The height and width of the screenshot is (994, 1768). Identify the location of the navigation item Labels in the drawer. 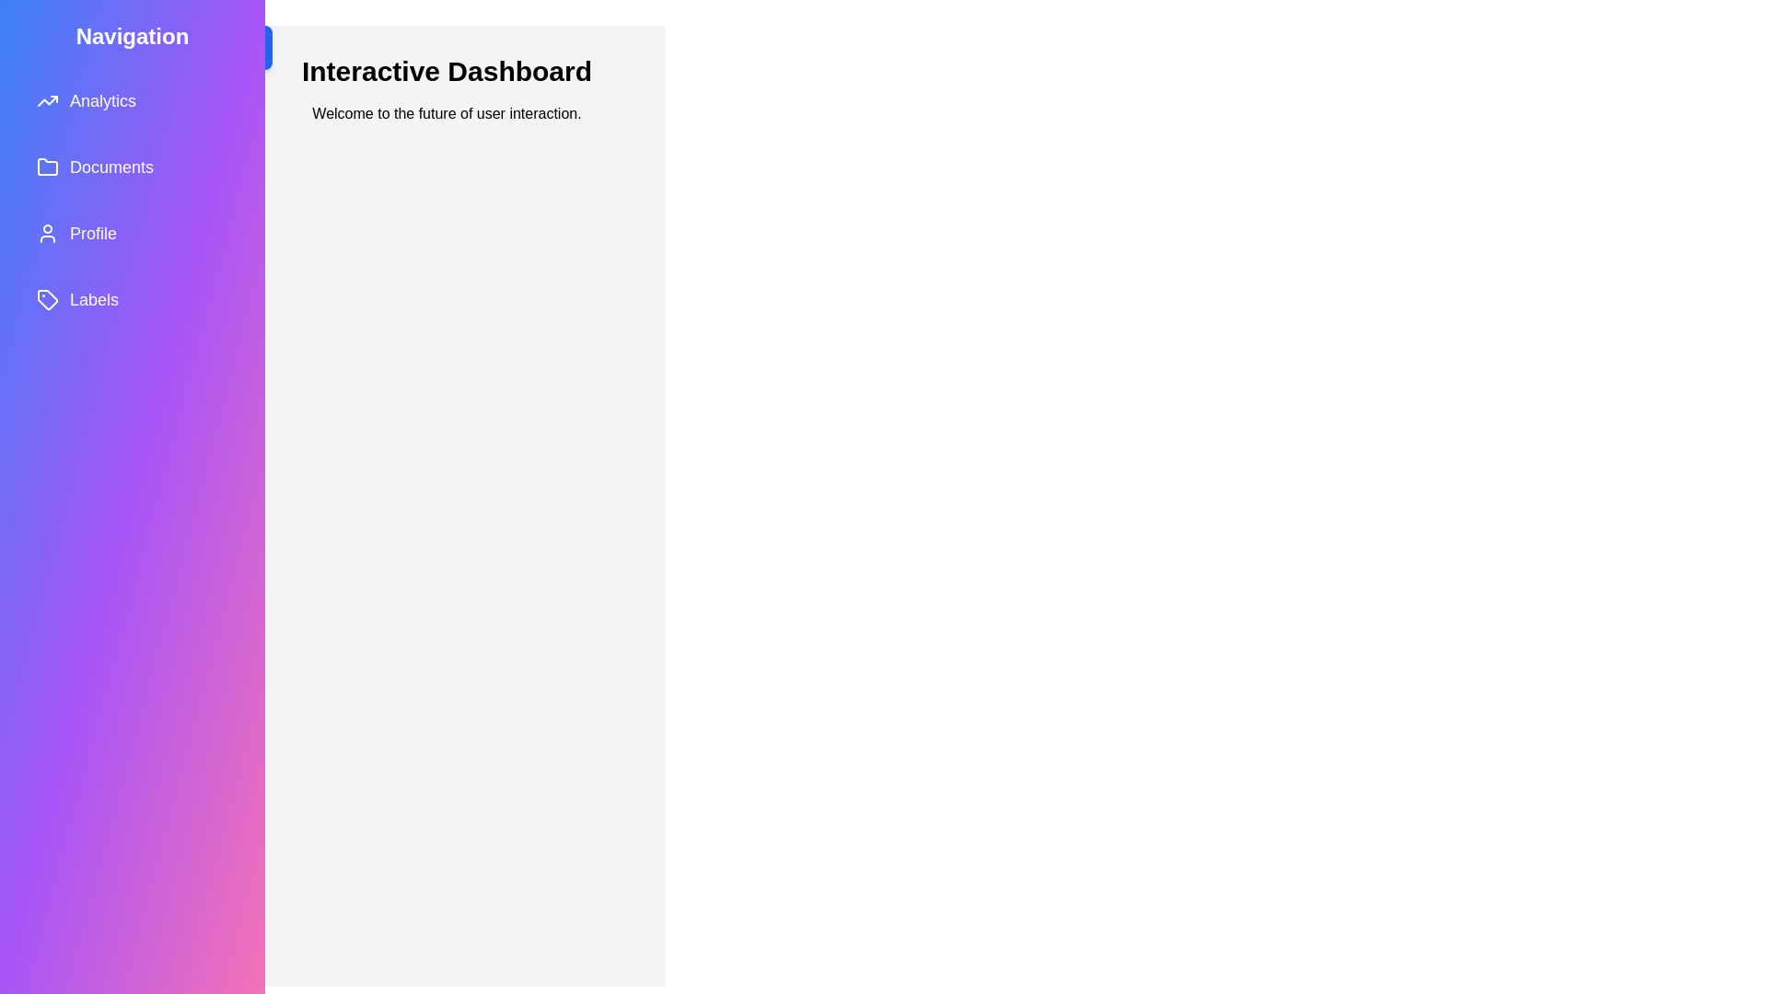
(132, 299).